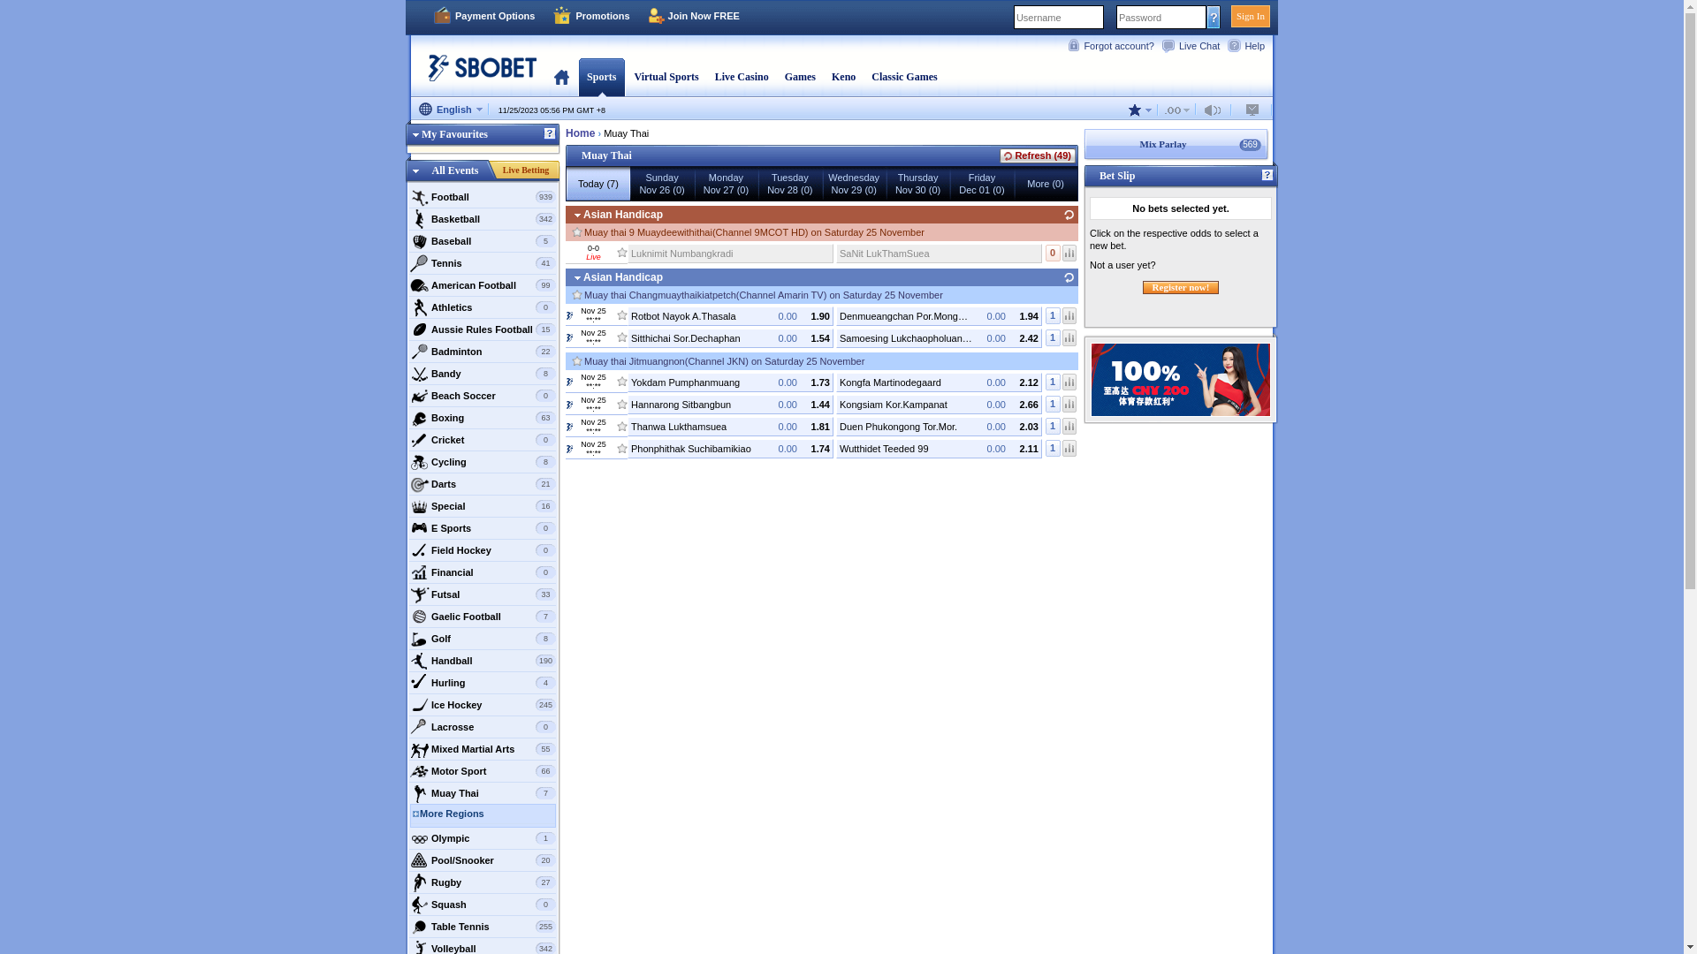 This screenshot has width=1697, height=954. What do you see at coordinates (660, 184) in the screenshot?
I see `'Sunday` at bounding box center [660, 184].